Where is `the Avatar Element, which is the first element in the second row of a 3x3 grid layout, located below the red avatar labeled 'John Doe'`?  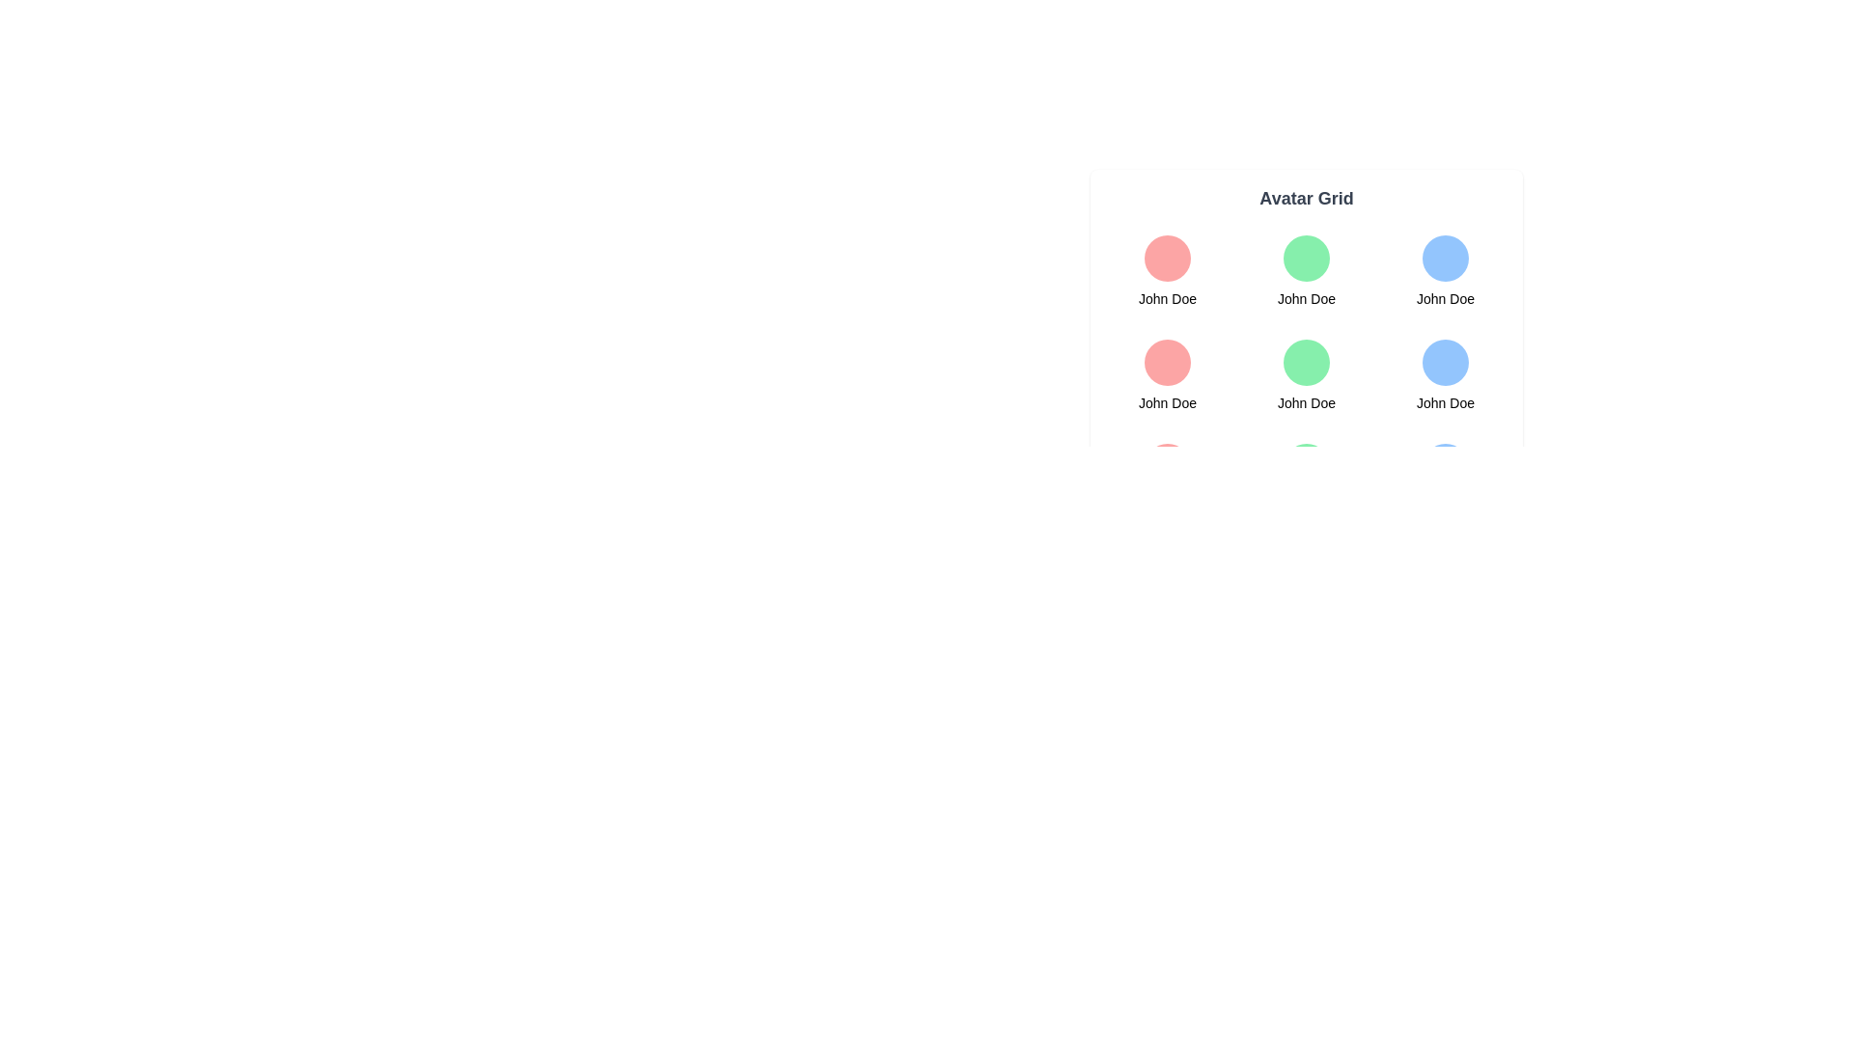
the Avatar Element, which is the first element in the second row of a 3x3 grid layout, located below the red avatar labeled 'John Doe' is located at coordinates (1166, 362).